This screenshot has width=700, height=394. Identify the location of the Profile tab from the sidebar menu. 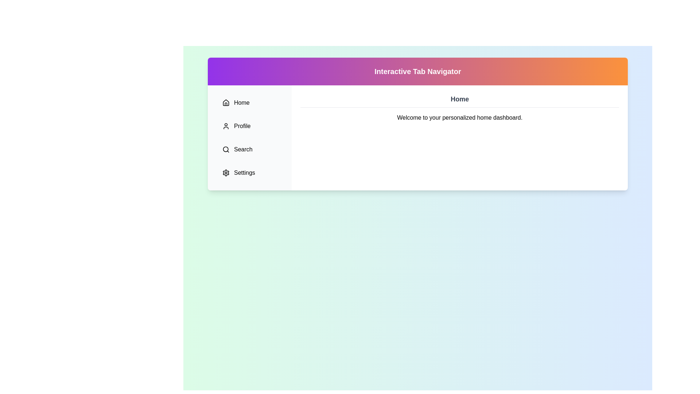
(250, 126).